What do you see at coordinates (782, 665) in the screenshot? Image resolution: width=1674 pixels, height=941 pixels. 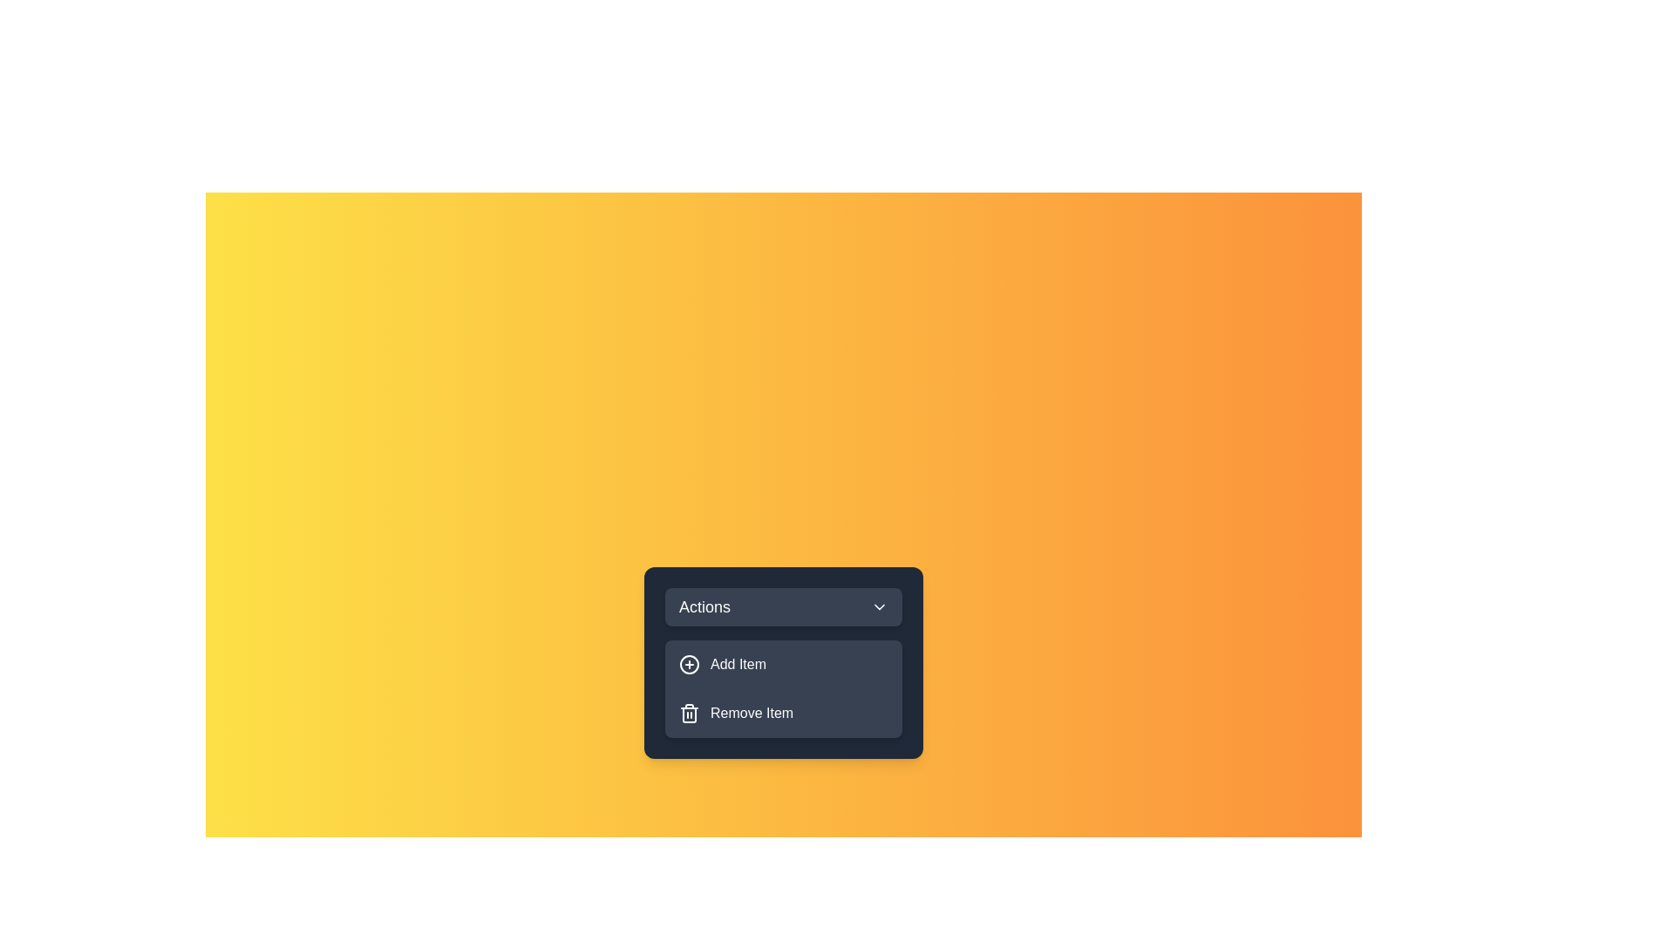 I see `the 'Add Item' option in the menu` at bounding box center [782, 665].